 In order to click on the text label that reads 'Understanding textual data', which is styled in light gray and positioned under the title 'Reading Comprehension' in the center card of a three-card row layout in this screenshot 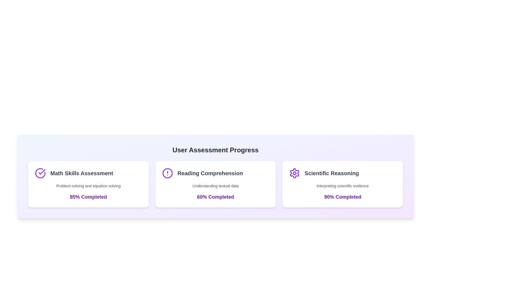, I will do `click(215, 186)`.